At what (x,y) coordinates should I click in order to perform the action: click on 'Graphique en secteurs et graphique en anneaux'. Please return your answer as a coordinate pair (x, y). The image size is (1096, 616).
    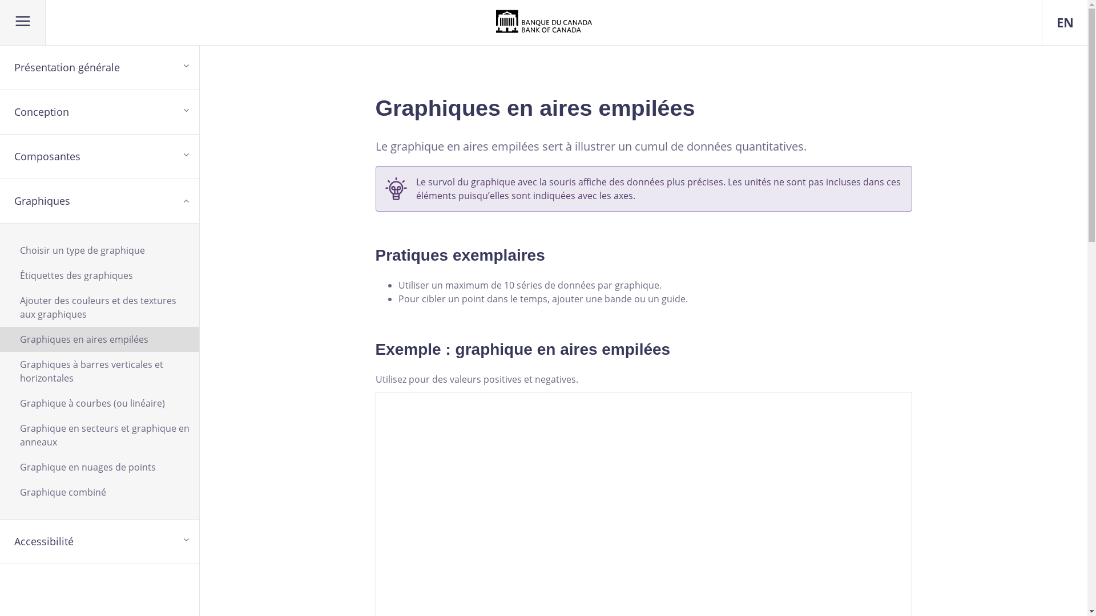
    Looking at the image, I should click on (99, 435).